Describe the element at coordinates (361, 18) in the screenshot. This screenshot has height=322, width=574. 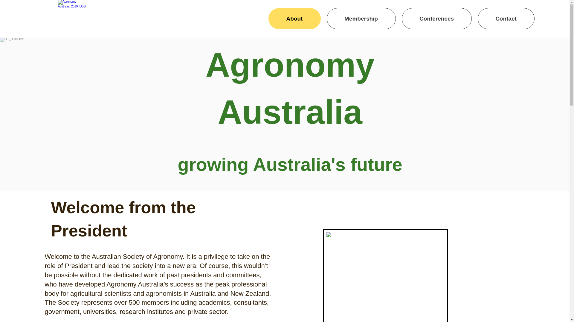
I see `'Membership'` at that location.